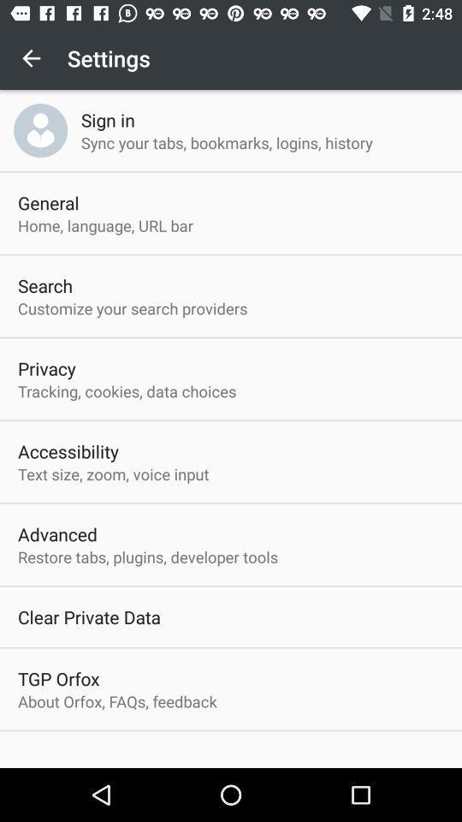 This screenshot has width=462, height=822. What do you see at coordinates (57, 678) in the screenshot?
I see `tgp orfox` at bounding box center [57, 678].